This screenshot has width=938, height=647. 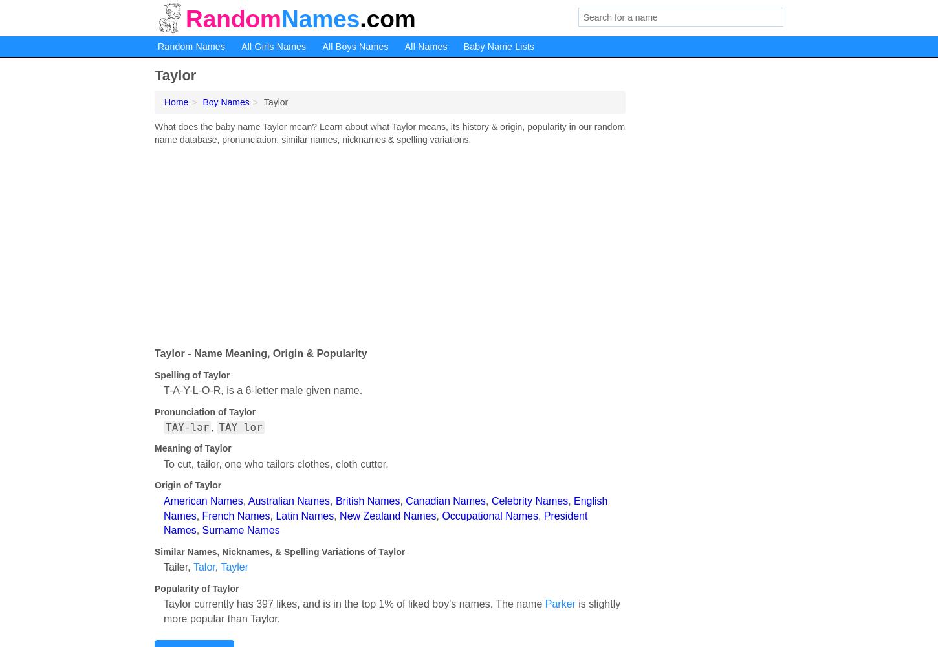 What do you see at coordinates (559, 604) in the screenshot?
I see `'Parker'` at bounding box center [559, 604].